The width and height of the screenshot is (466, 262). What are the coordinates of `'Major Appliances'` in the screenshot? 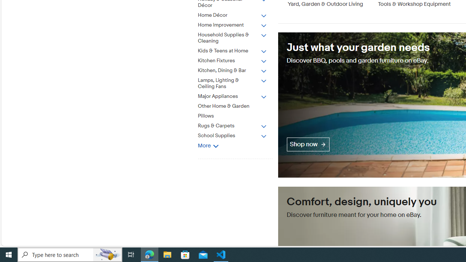 It's located at (238, 95).